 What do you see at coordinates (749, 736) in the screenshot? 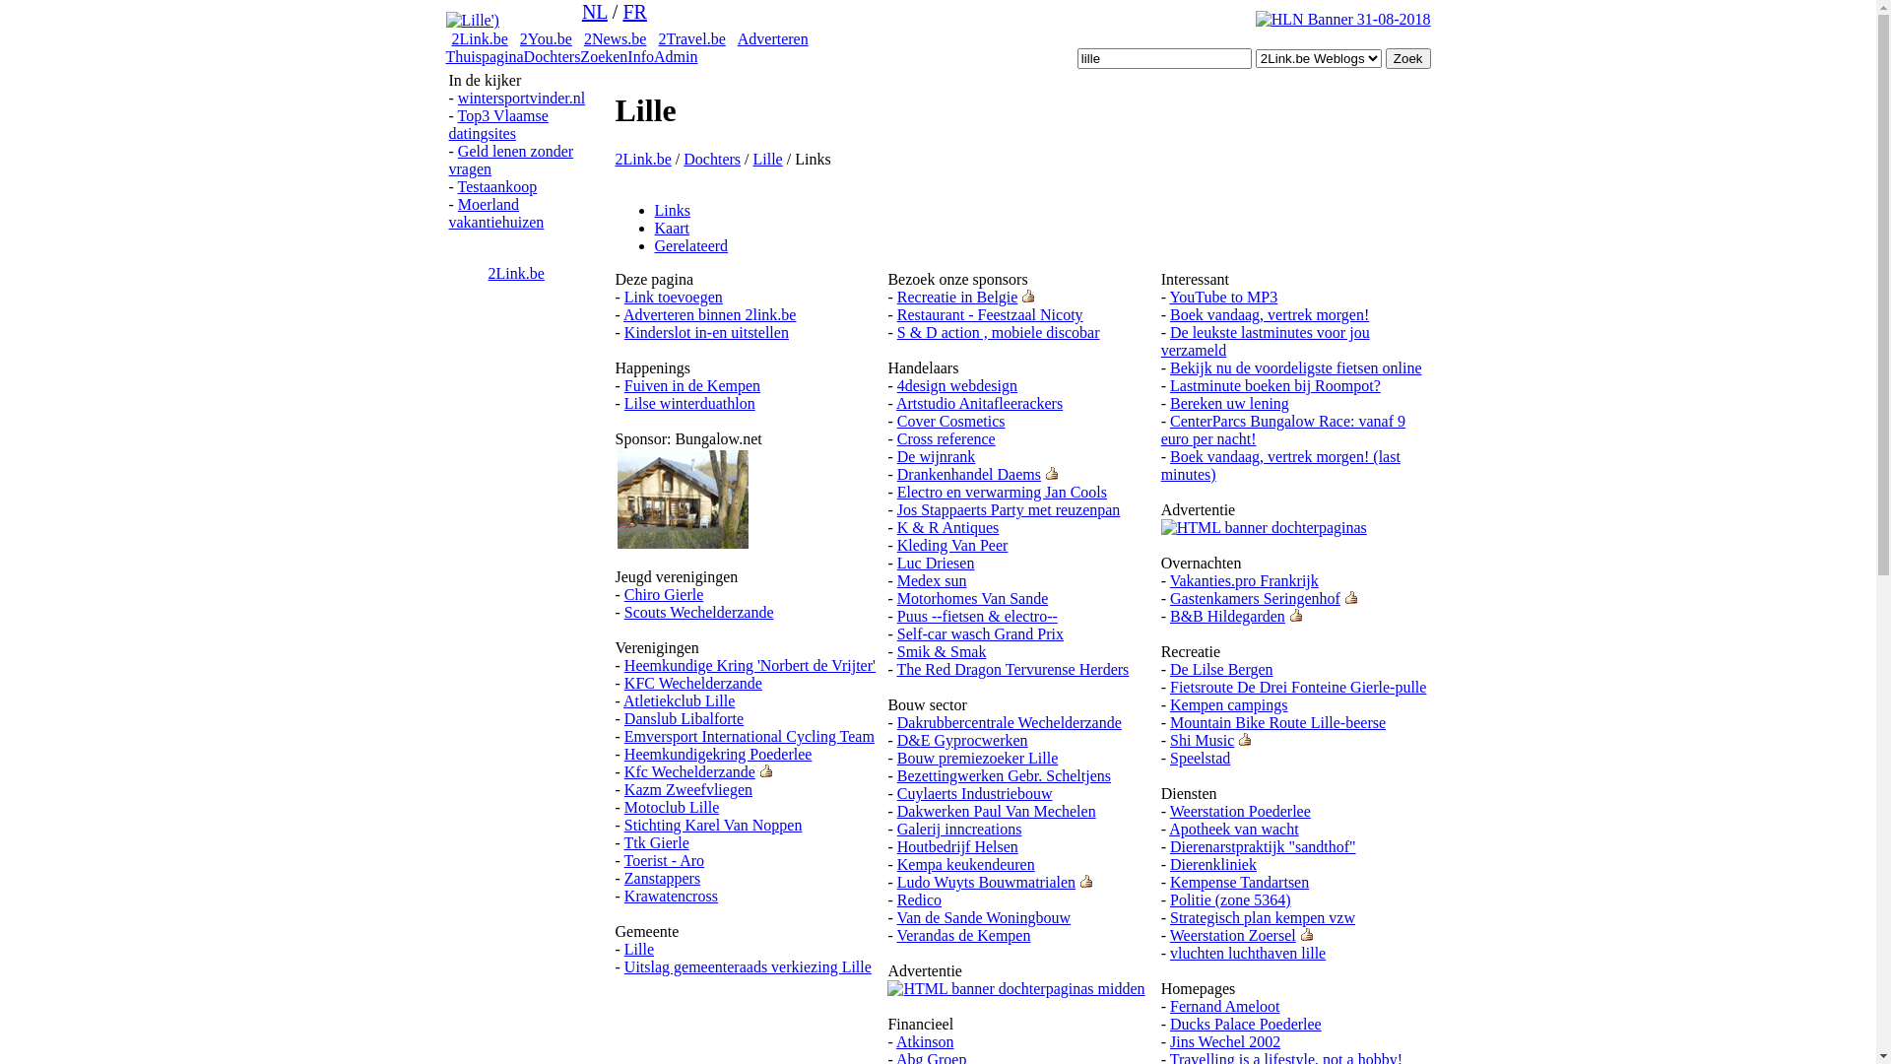
I see `'Emversport International Cycling Team'` at bounding box center [749, 736].